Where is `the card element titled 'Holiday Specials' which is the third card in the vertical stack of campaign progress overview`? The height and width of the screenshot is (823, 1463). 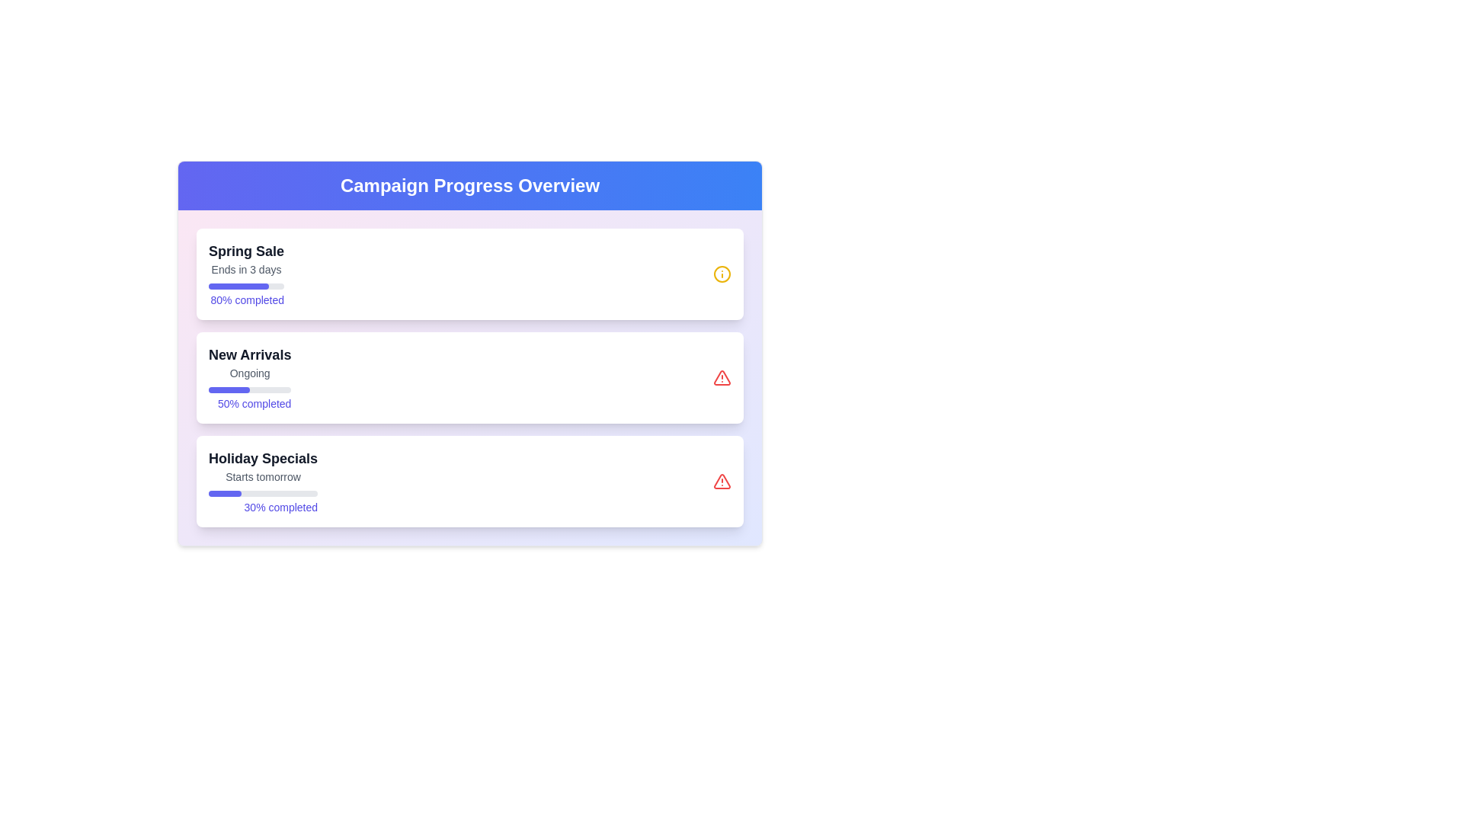
the card element titled 'Holiday Specials' which is the third card in the vertical stack of campaign progress overview is located at coordinates (469, 482).